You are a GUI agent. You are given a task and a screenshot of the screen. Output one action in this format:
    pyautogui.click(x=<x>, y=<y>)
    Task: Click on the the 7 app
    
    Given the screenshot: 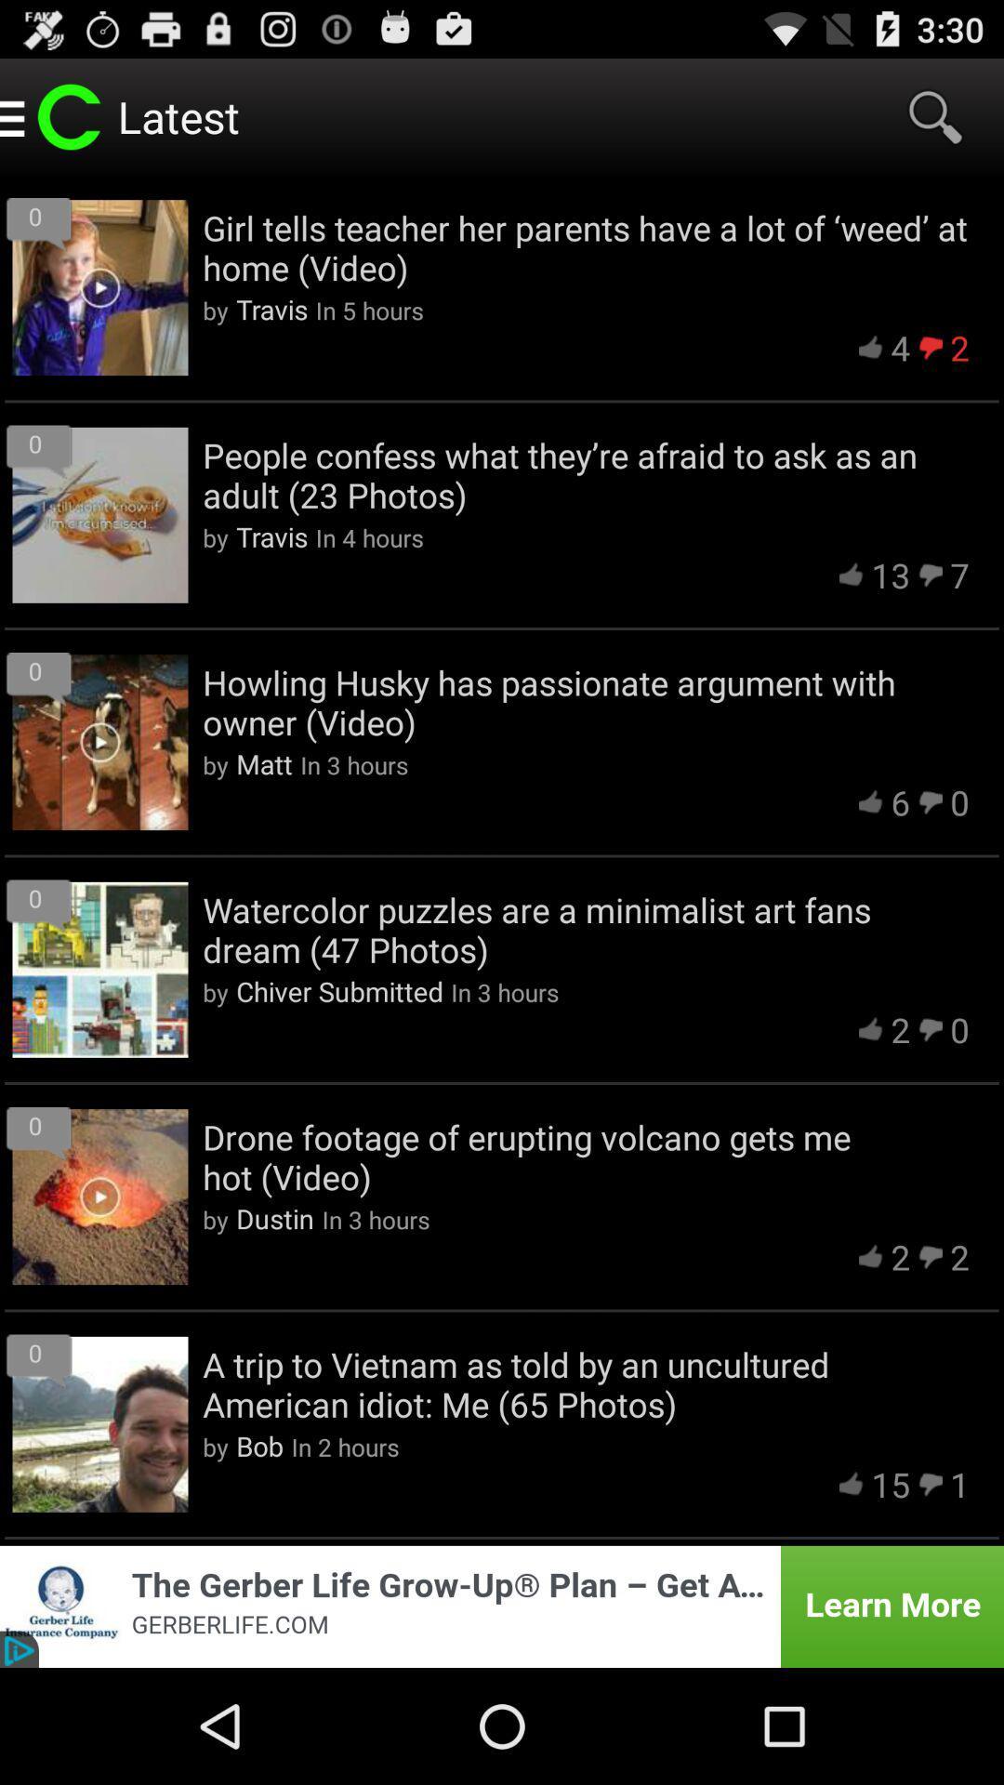 What is the action you would take?
    pyautogui.click(x=959, y=574)
    